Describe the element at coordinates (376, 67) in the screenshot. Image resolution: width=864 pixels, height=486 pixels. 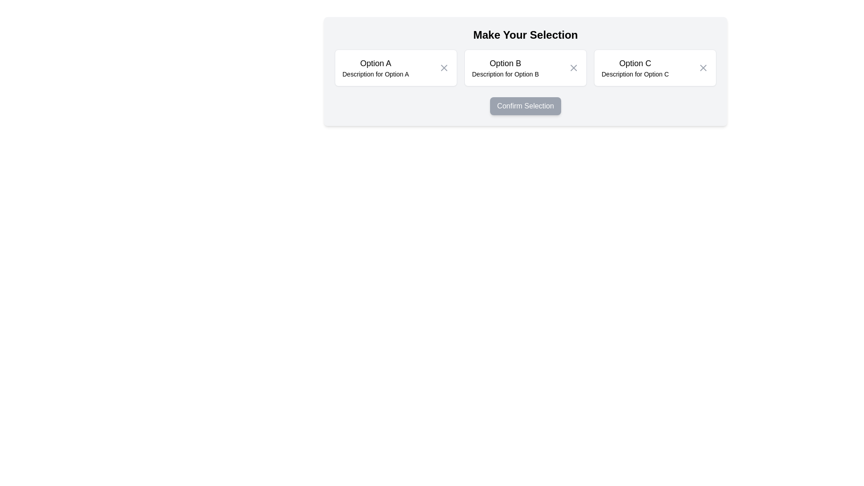
I see `the 'Option A' text component, which is the leftmost option in a row of three options, located in the top-center area of the interface` at that location.